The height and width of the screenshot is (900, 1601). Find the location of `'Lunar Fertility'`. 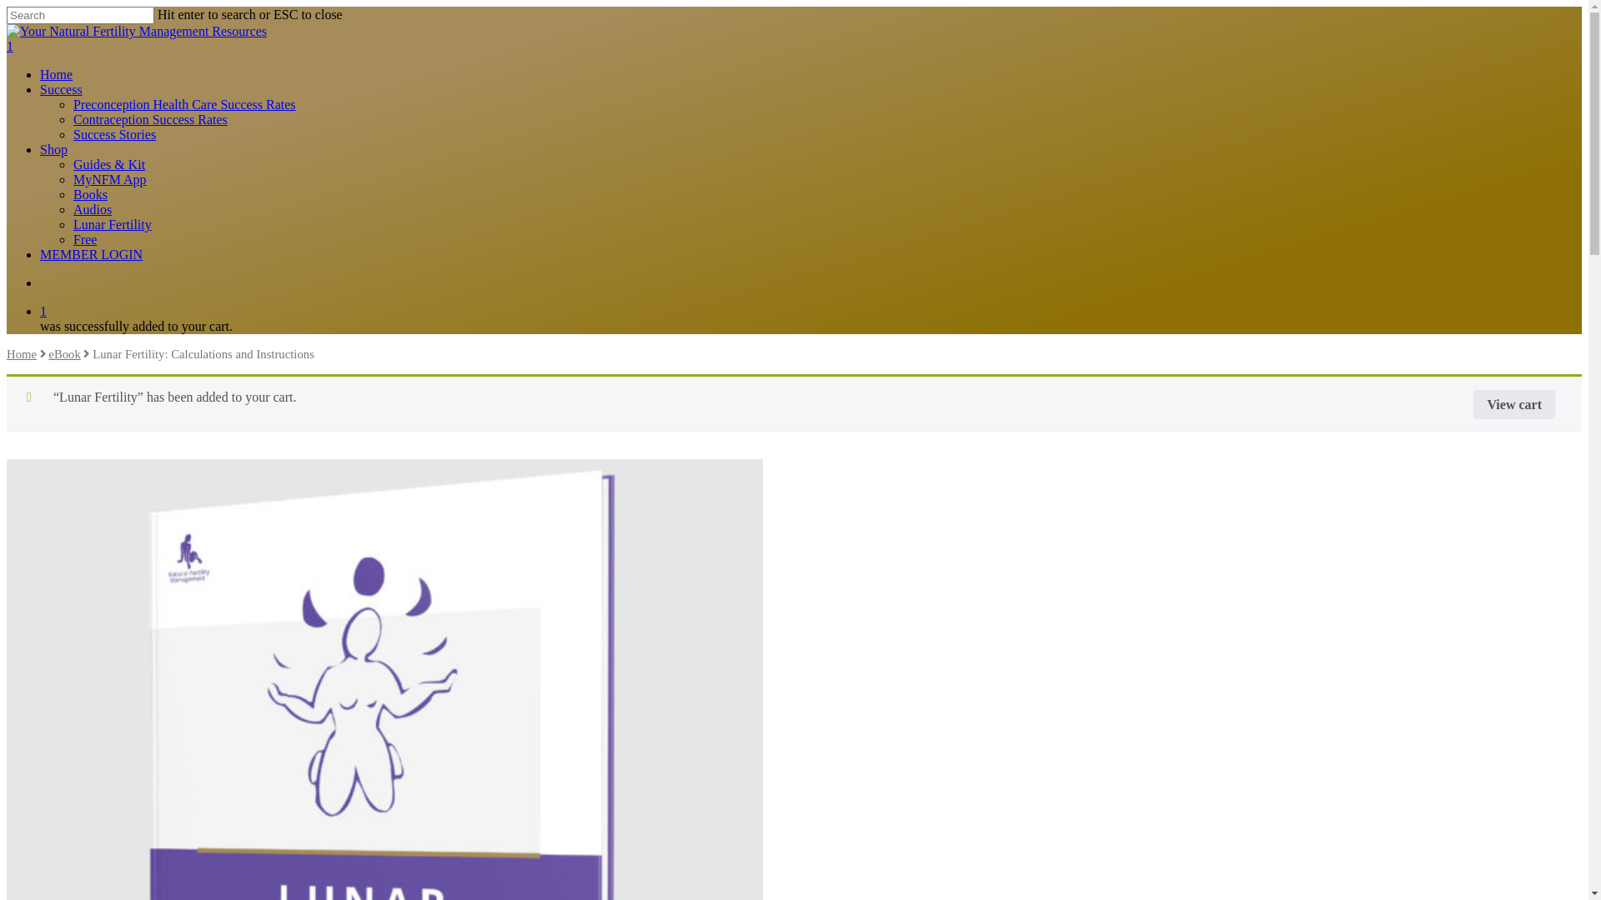

'Lunar Fertility' is located at coordinates (111, 223).